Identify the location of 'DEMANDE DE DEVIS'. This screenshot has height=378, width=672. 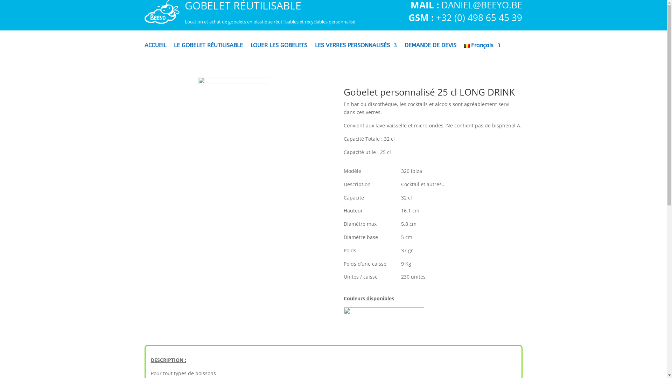
(405, 50).